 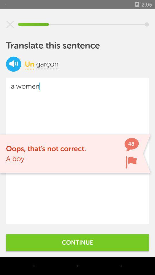 What do you see at coordinates (77, 242) in the screenshot?
I see `continue item` at bounding box center [77, 242].